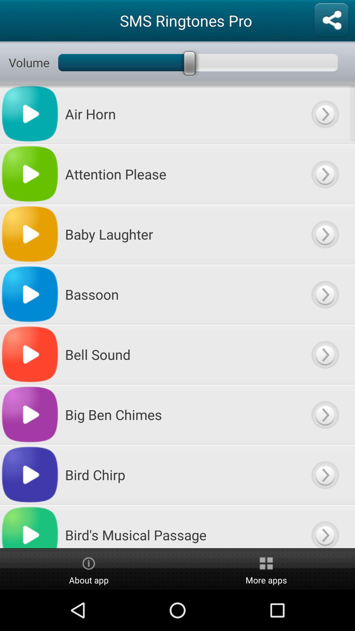 This screenshot has width=355, height=631. Describe the element at coordinates (324, 234) in the screenshot. I see `see more options about this ringtone` at that location.